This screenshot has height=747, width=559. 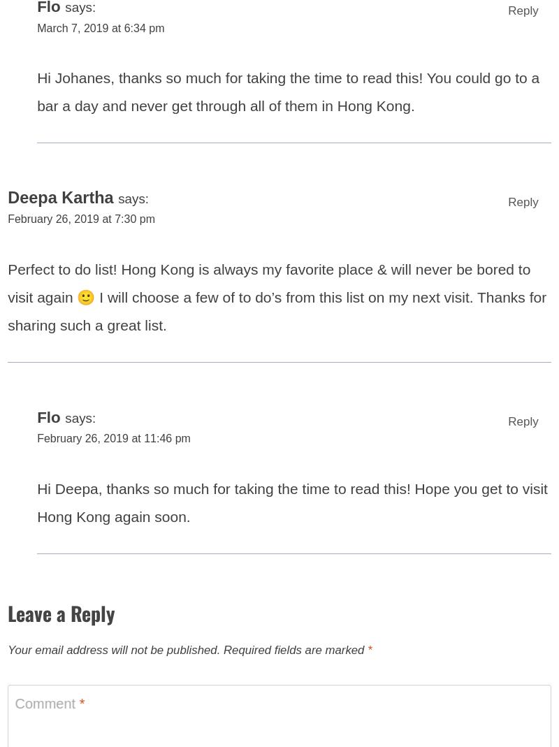 I want to click on 'Leave a Reply', so click(x=8, y=620).